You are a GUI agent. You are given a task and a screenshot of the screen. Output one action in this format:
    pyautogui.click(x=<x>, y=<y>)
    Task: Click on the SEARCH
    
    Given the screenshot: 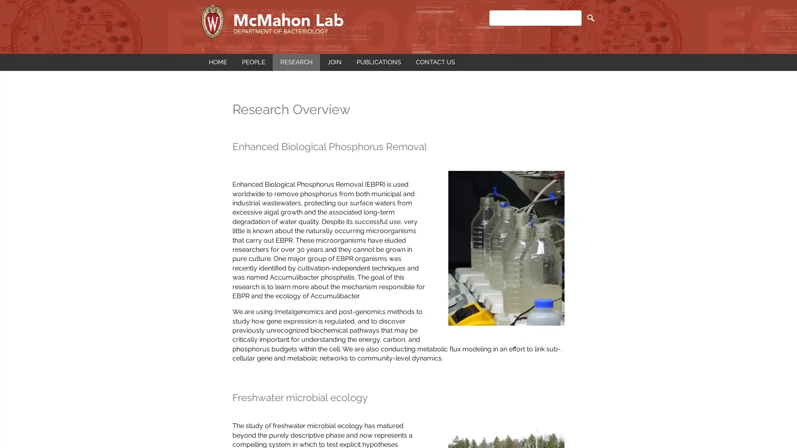 What is the action you would take?
    pyautogui.click(x=591, y=19)
    